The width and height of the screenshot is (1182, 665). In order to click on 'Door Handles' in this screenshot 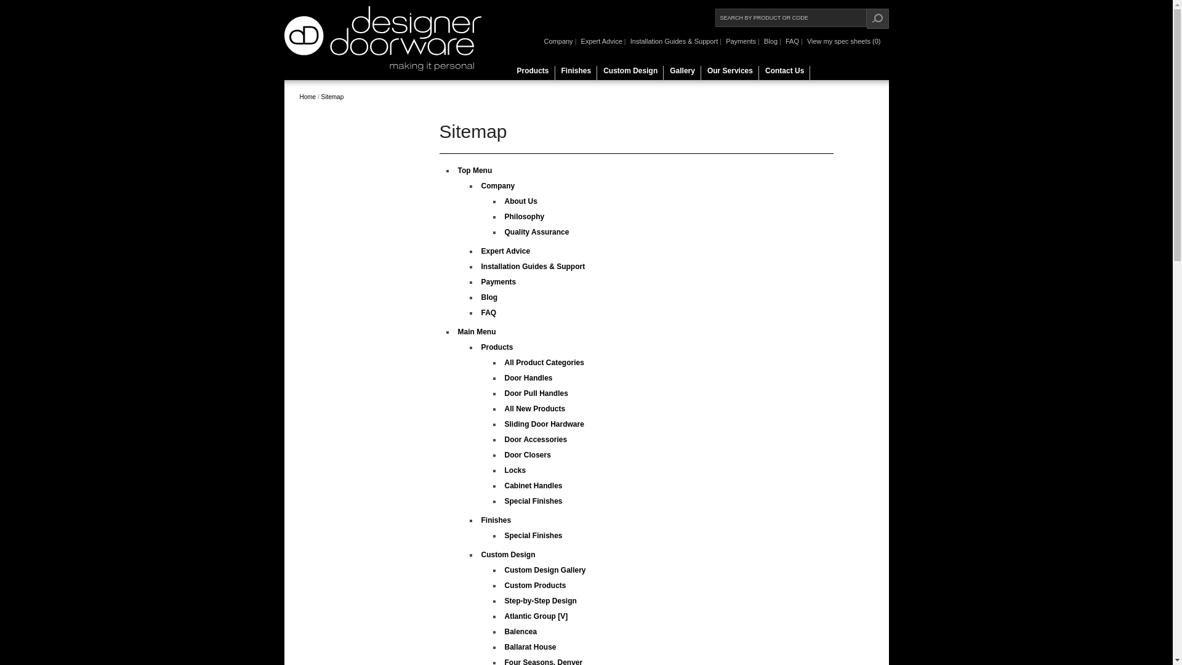, I will do `click(529, 377)`.